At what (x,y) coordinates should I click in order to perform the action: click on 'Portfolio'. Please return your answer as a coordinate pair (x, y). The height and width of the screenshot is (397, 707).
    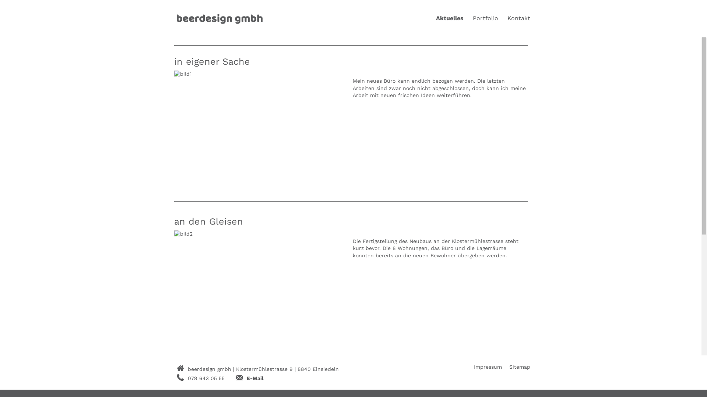
    Looking at the image, I should click on (485, 18).